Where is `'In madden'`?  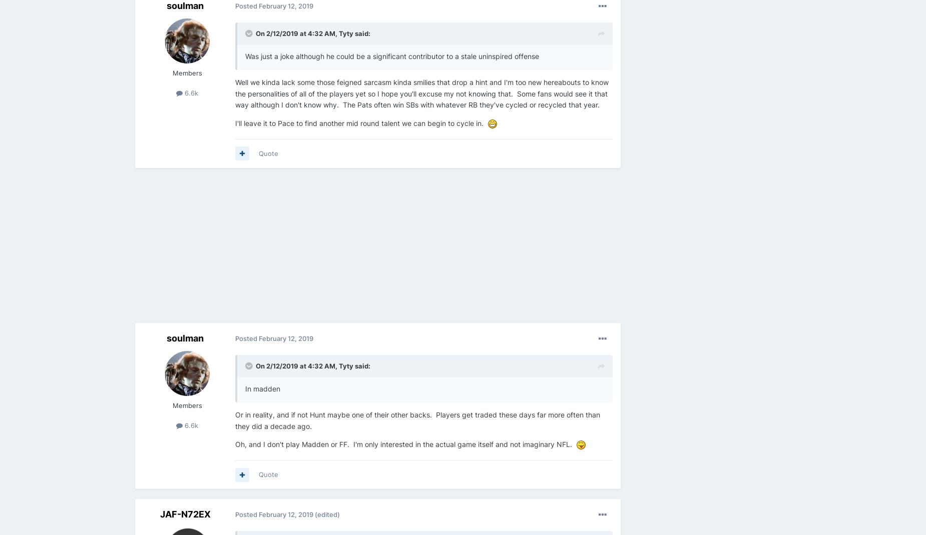 'In madden' is located at coordinates (264, 387).